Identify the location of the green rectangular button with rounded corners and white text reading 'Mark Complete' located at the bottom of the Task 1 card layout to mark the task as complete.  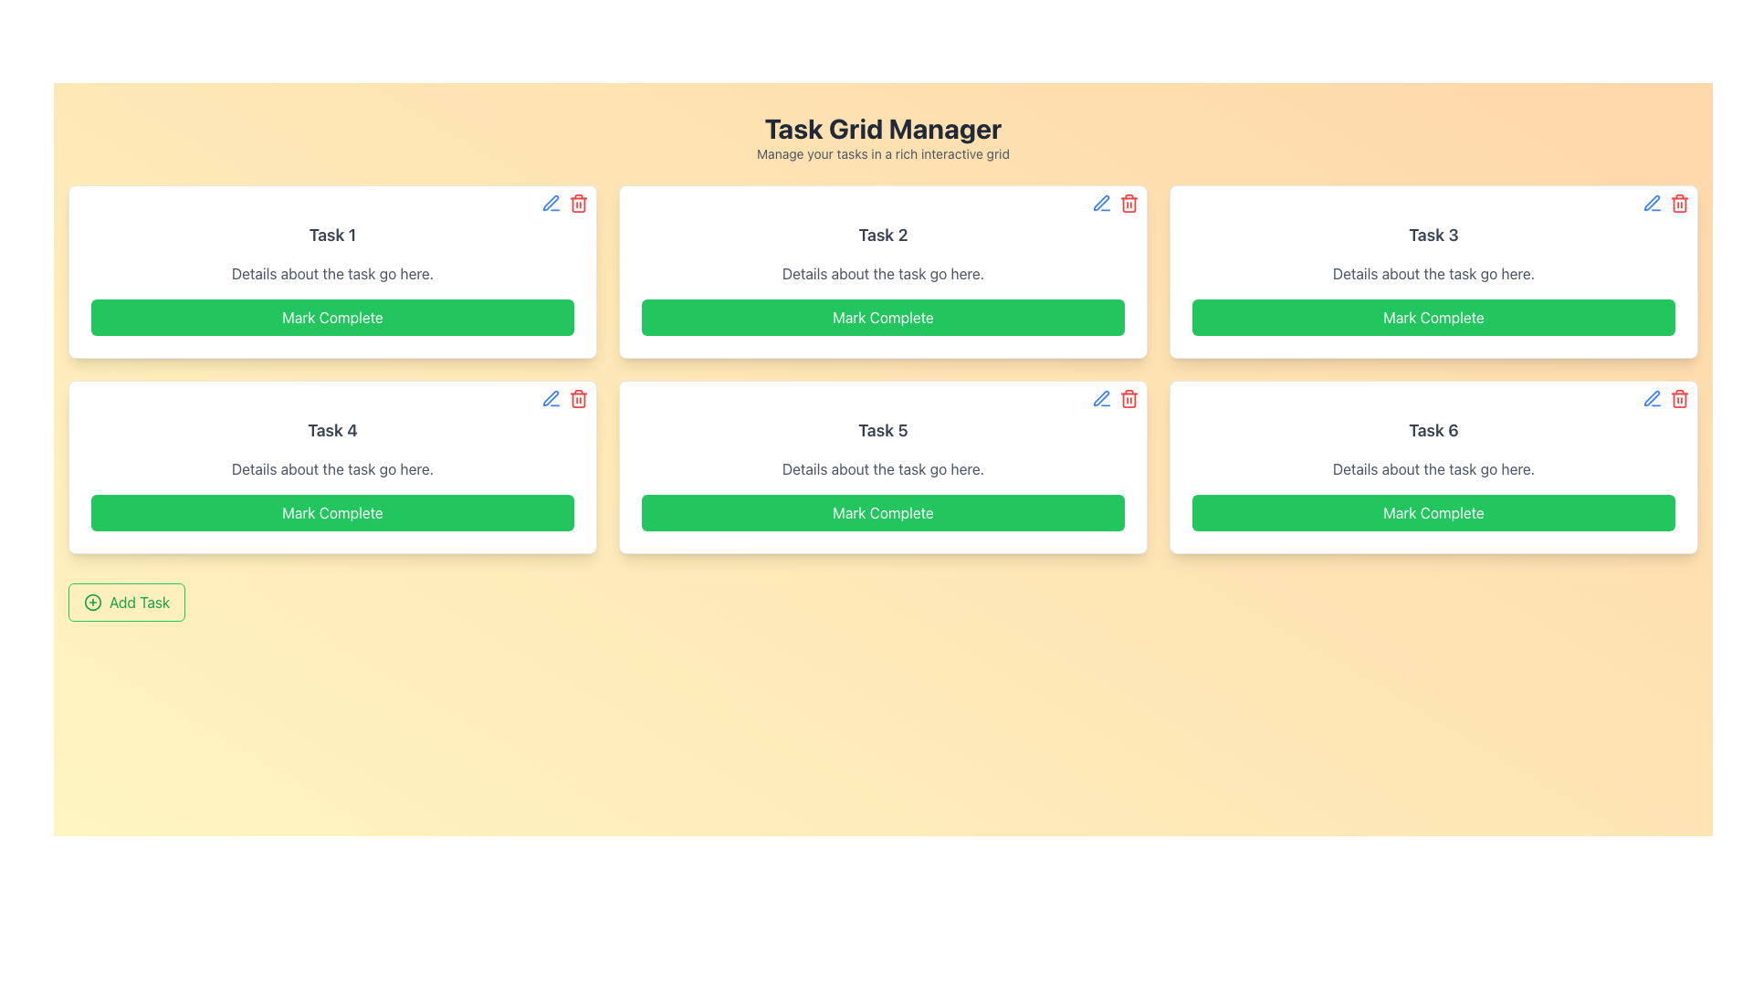
(332, 316).